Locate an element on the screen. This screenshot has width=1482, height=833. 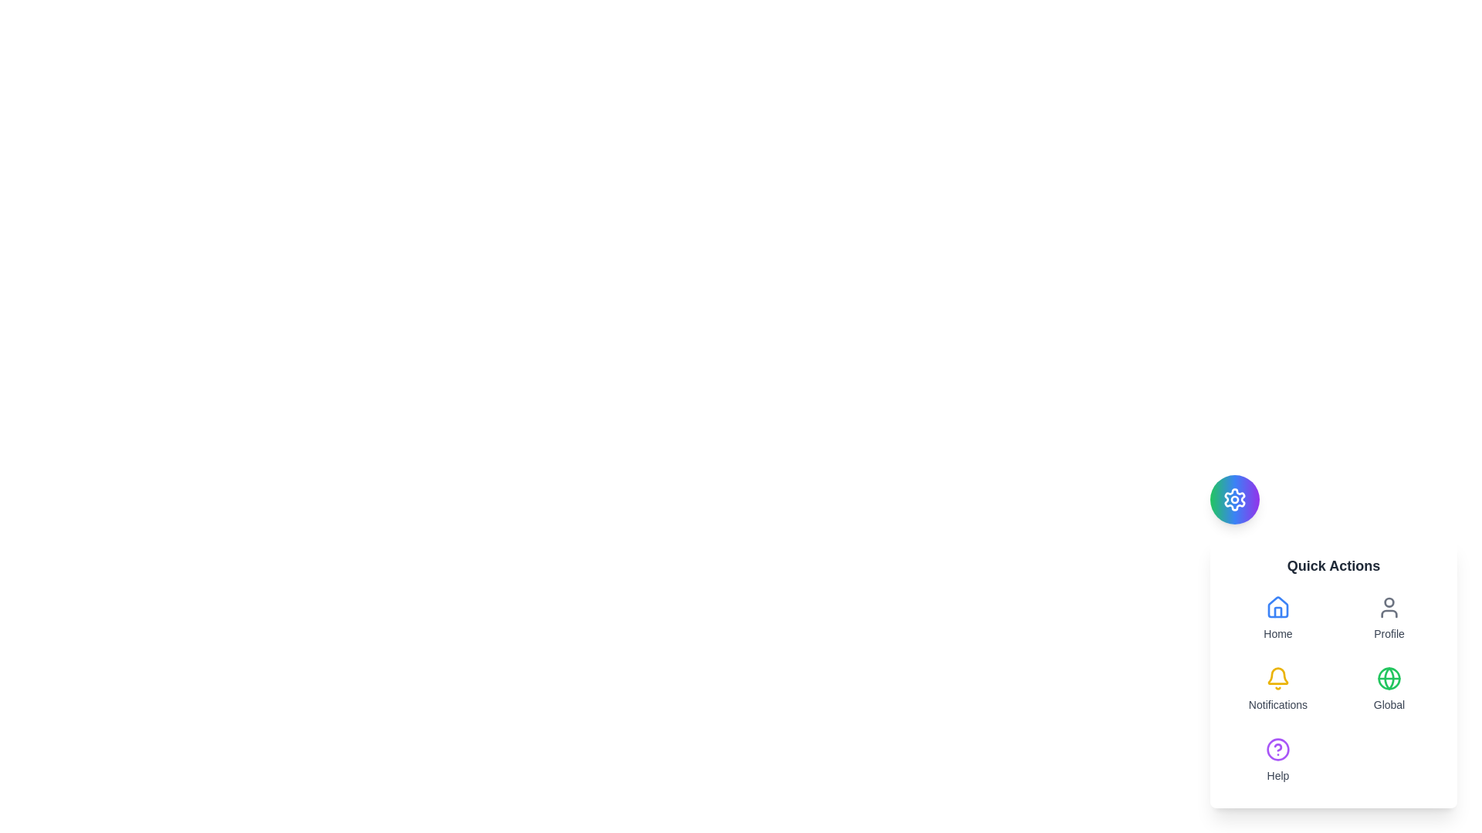
the 'Help' text label located at the bottom-right corner of the interface, styled in a small gray font is located at coordinates (1278, 776).